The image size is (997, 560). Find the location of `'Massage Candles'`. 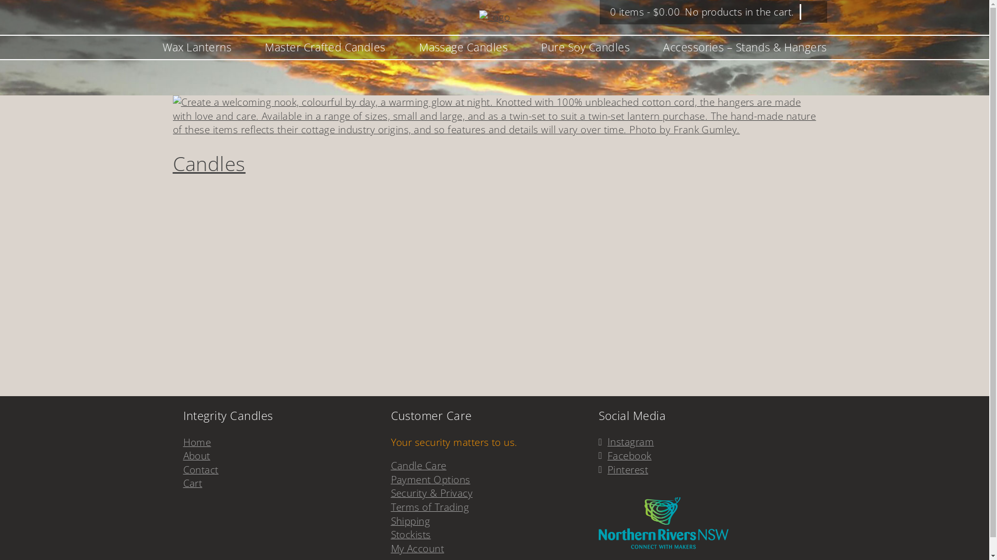

'Massage Candles' is located at coordinates (463, 47).